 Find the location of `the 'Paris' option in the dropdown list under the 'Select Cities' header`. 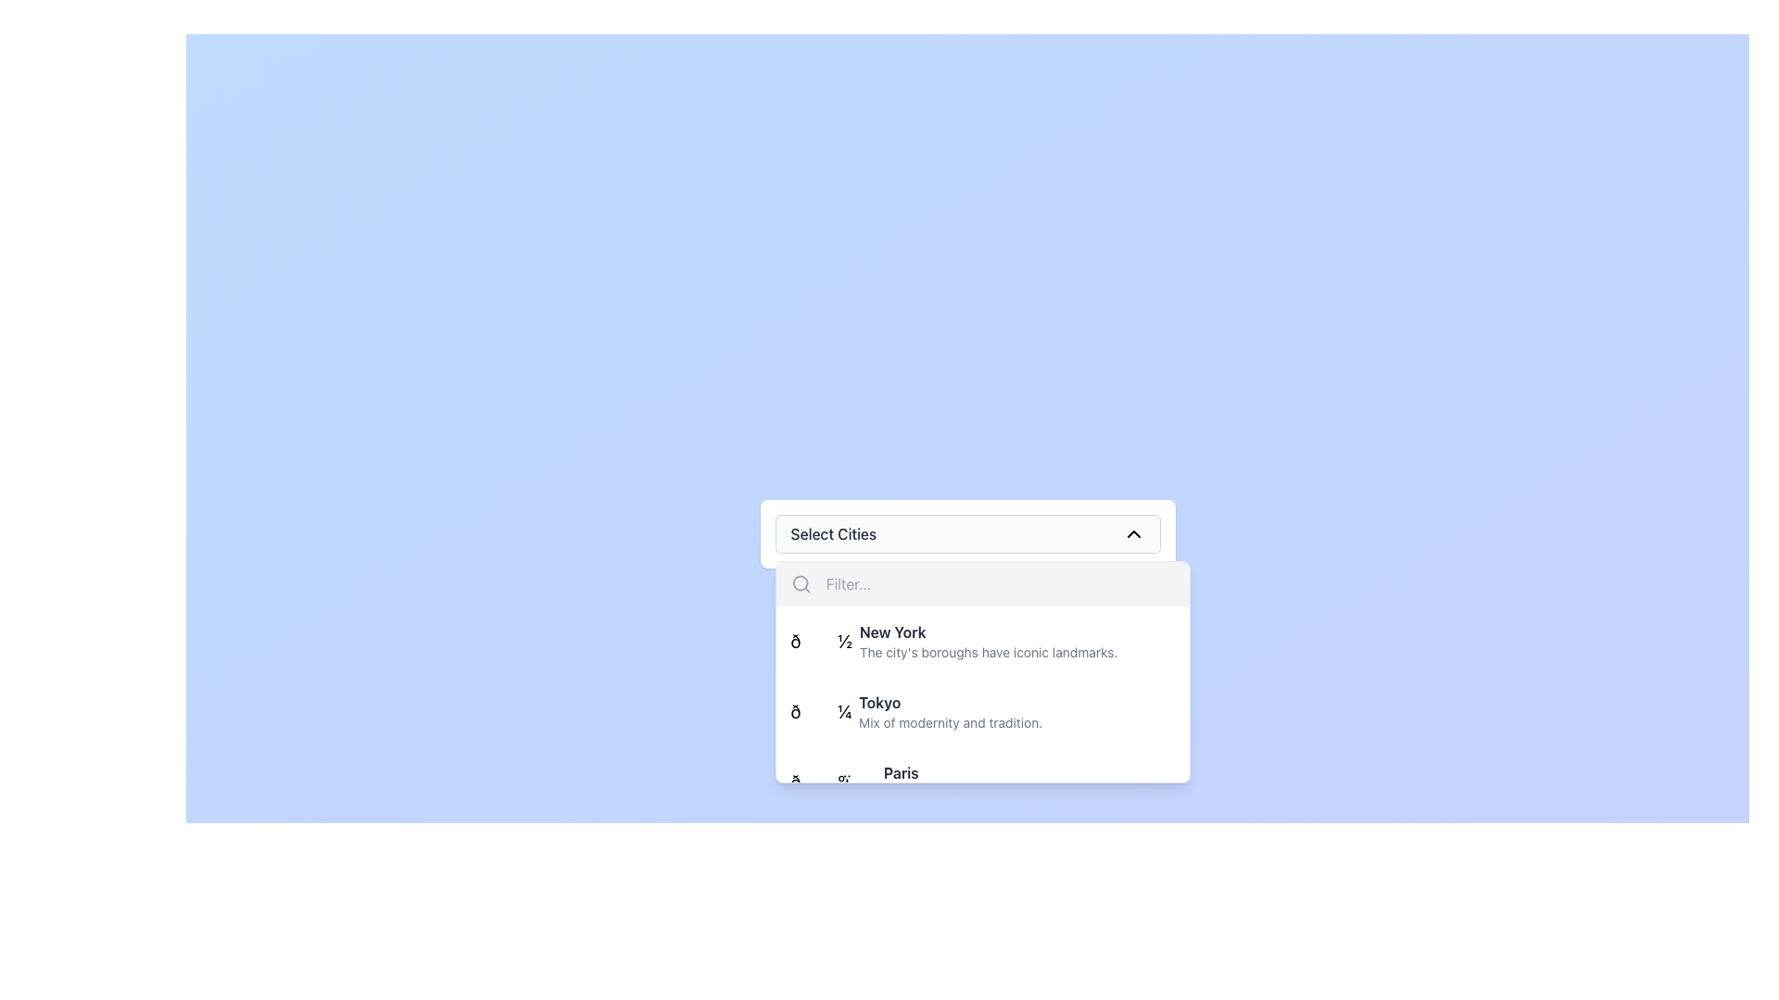

the 'Paris' option in the dropdown list under the 'Select Cities' header is located at coordinates (953, 781).